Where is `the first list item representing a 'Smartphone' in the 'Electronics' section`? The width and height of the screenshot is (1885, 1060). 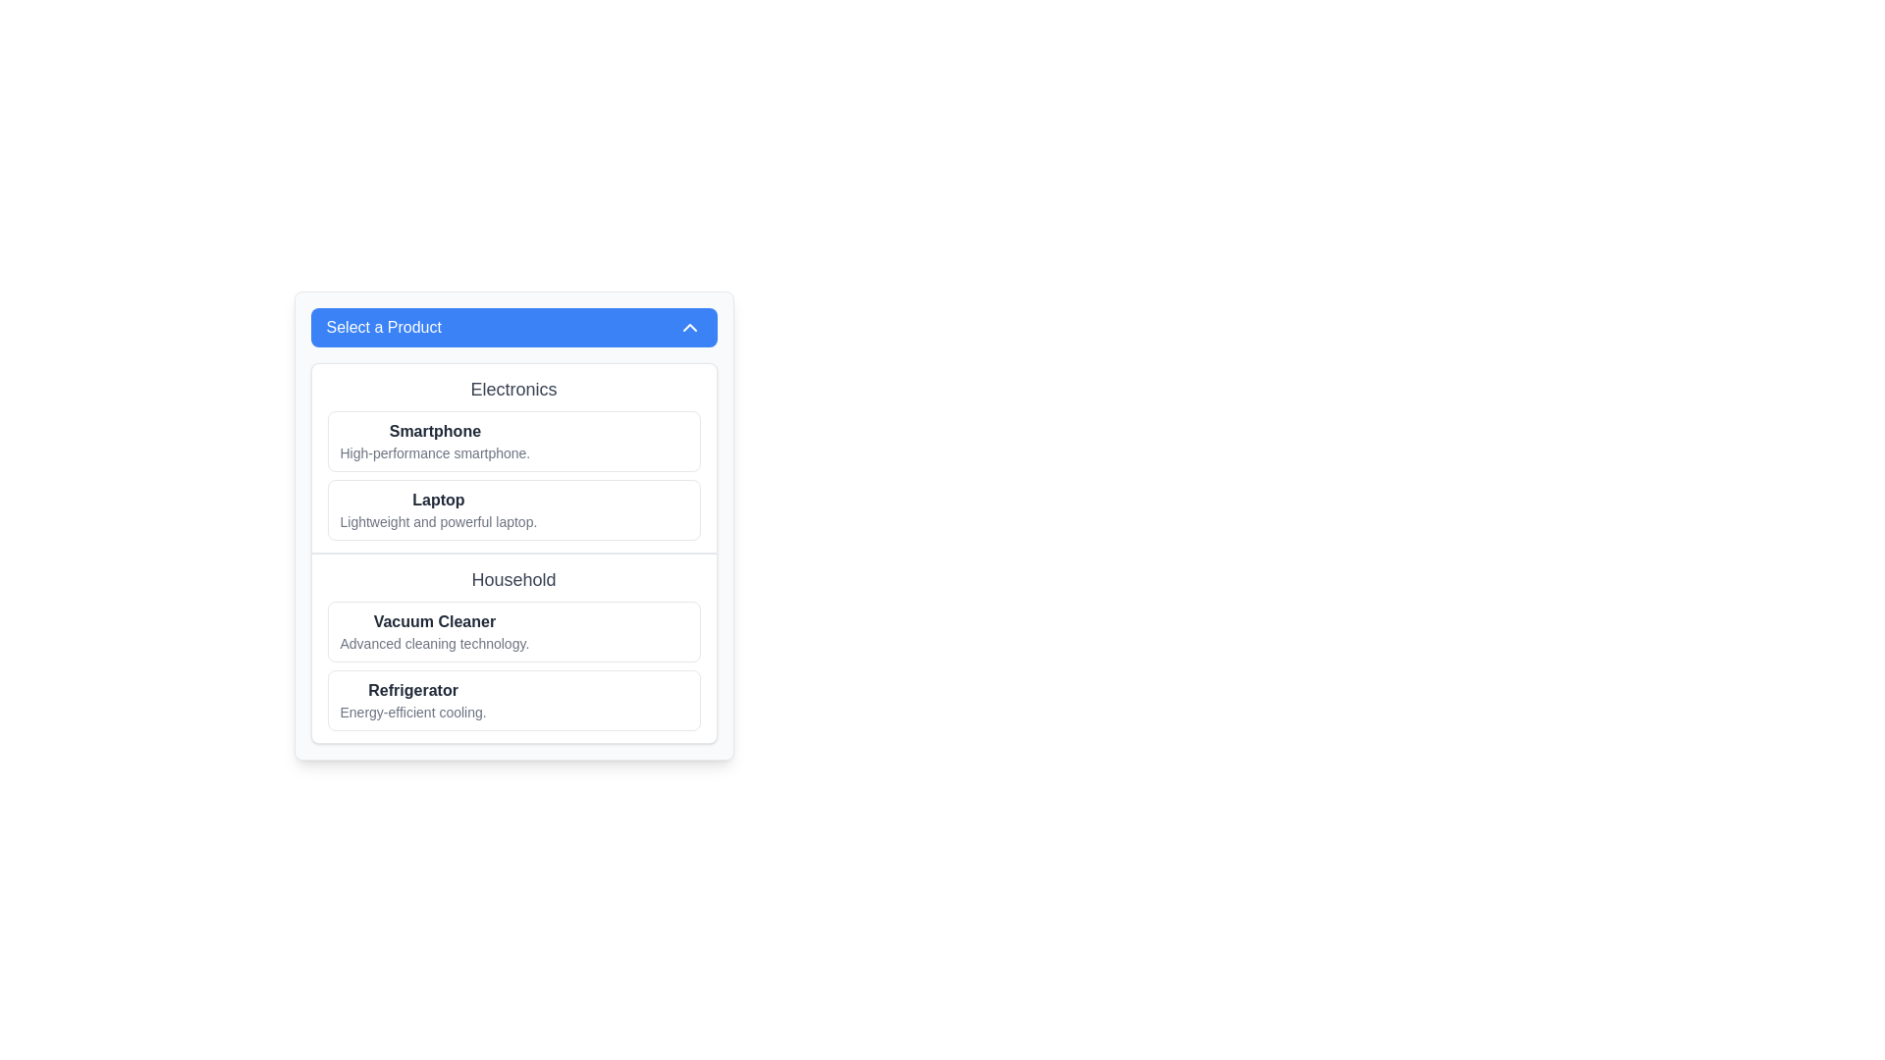
the first list item representing a 'Smartphone' in the 'Electronics' section is located at coordinates (434, 442).